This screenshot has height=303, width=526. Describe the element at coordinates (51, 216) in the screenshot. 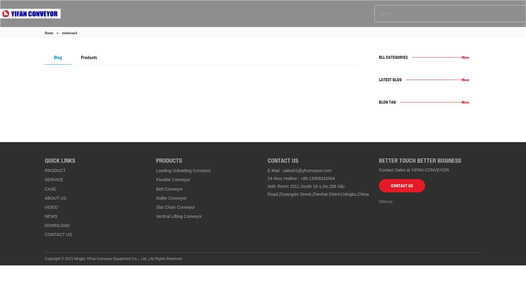

I see `'NEWS'` at that location.